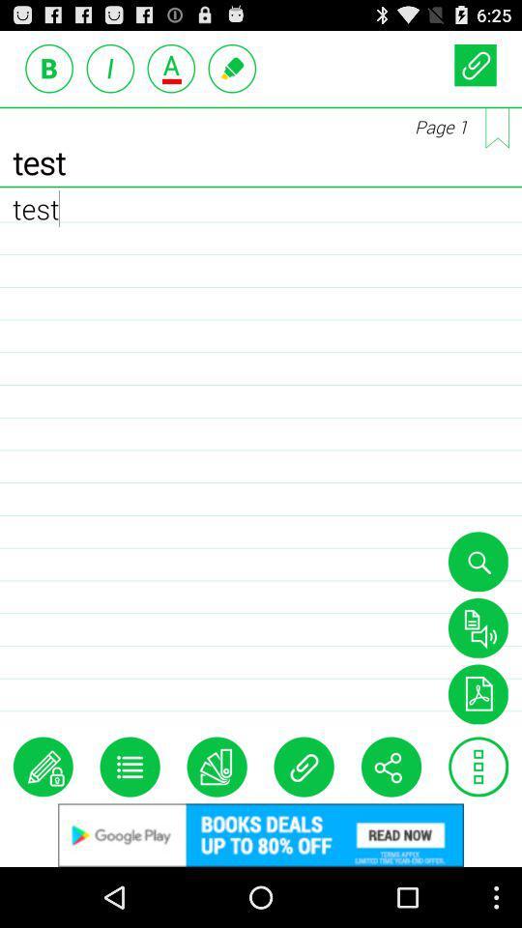  Describe the element at coordinates (477, 626) in the screenshot. I see `text to speak` at that location.